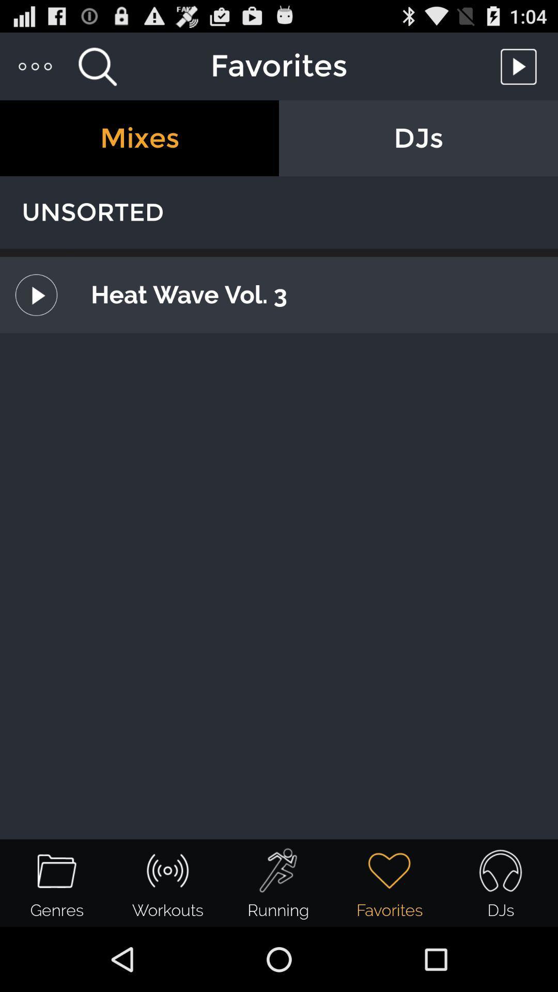  Describe the element at coordinates (98, 66) in the screenshot. I see `search icon` at that location.